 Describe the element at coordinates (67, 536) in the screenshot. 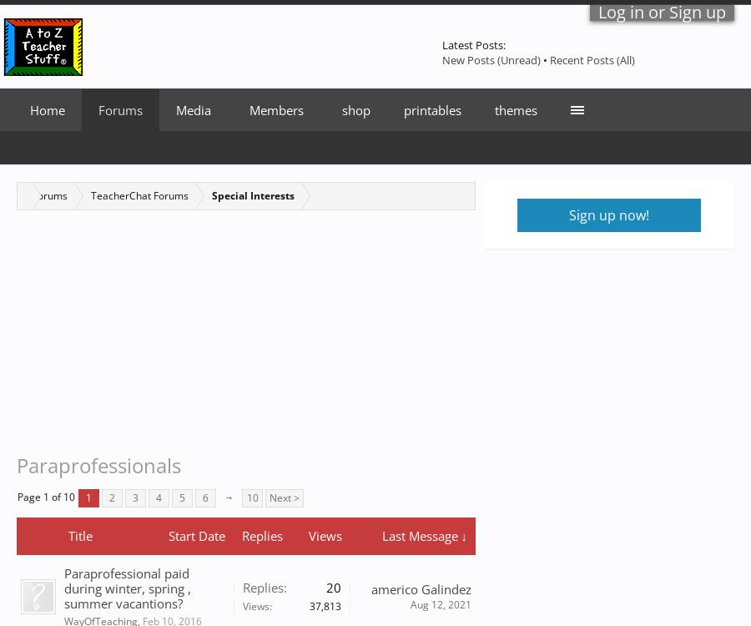

I see `'Title'` at that location.